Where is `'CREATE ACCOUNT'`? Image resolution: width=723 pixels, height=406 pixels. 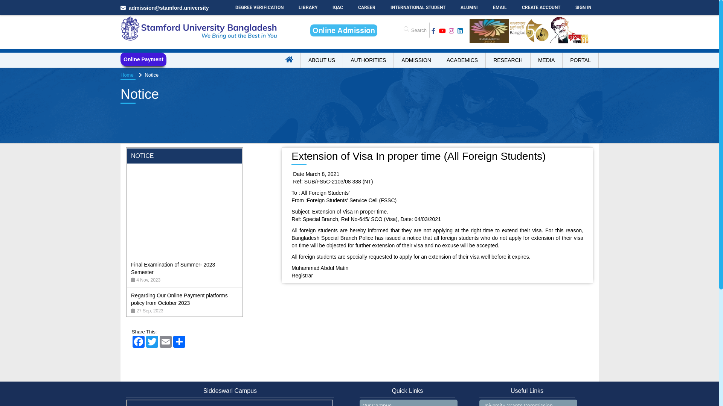
'CREATE ACCOUNT' is located at coordinates (540, 7).